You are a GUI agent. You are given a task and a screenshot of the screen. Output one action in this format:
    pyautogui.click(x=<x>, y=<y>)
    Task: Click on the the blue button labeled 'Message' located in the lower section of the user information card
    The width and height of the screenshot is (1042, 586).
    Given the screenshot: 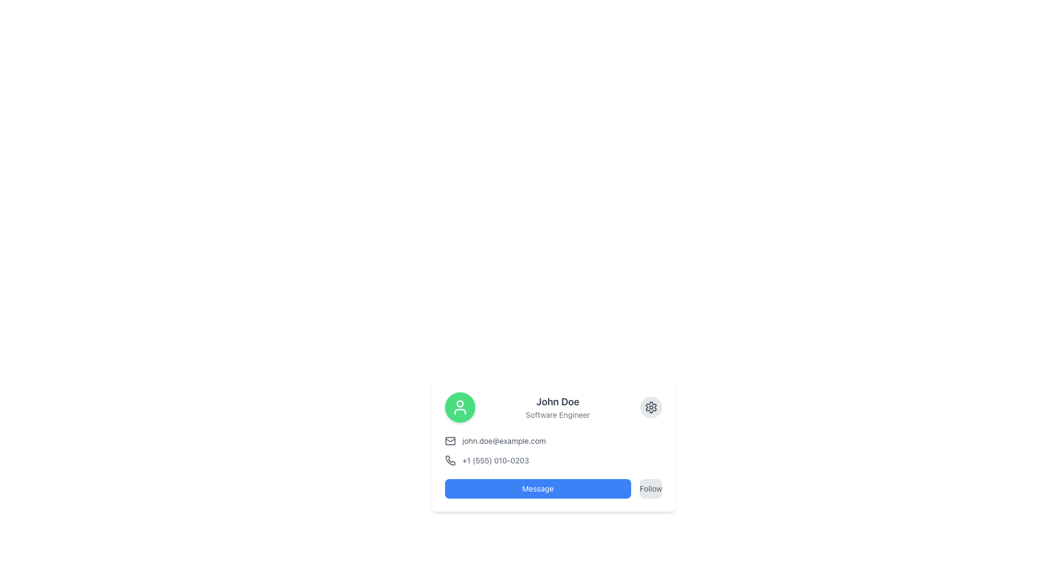 What is the action you would take?
    pyautogui.click(x=538, y=489)
    